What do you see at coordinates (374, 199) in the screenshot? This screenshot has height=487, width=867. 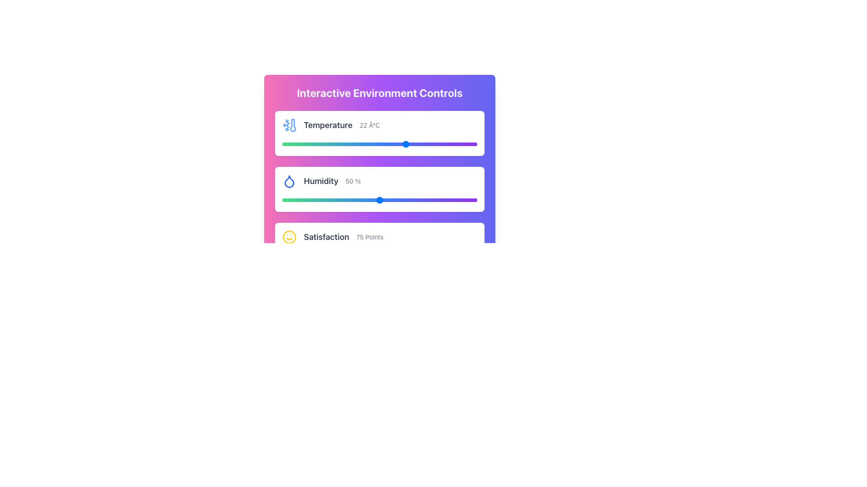 I see `humidity` at bounding box center [374, 199].